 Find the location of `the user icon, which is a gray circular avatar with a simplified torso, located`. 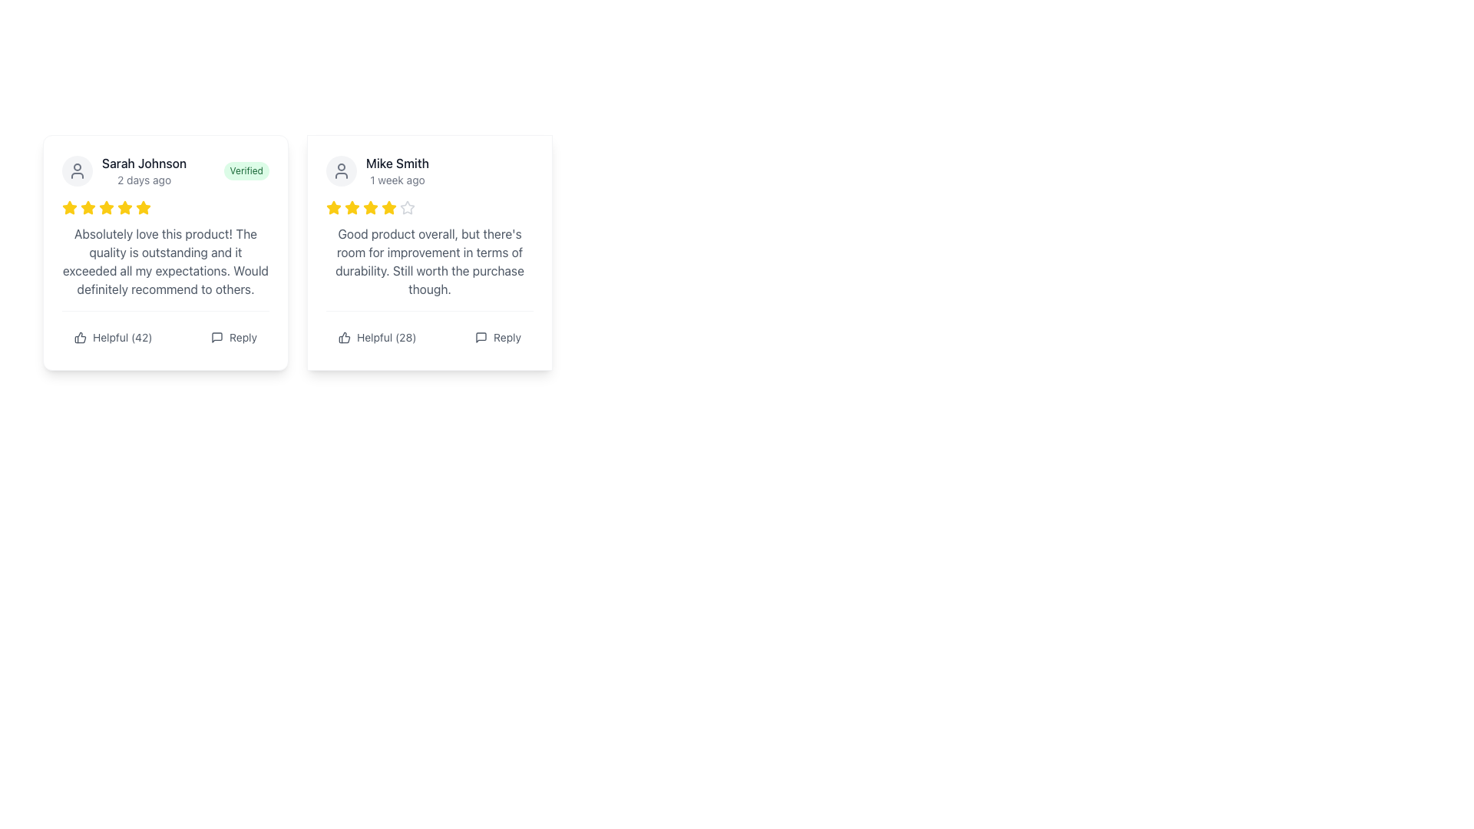

the user icon, which is a gray circular avatar with a simplified torso, located is located at coordinates (341, 171).